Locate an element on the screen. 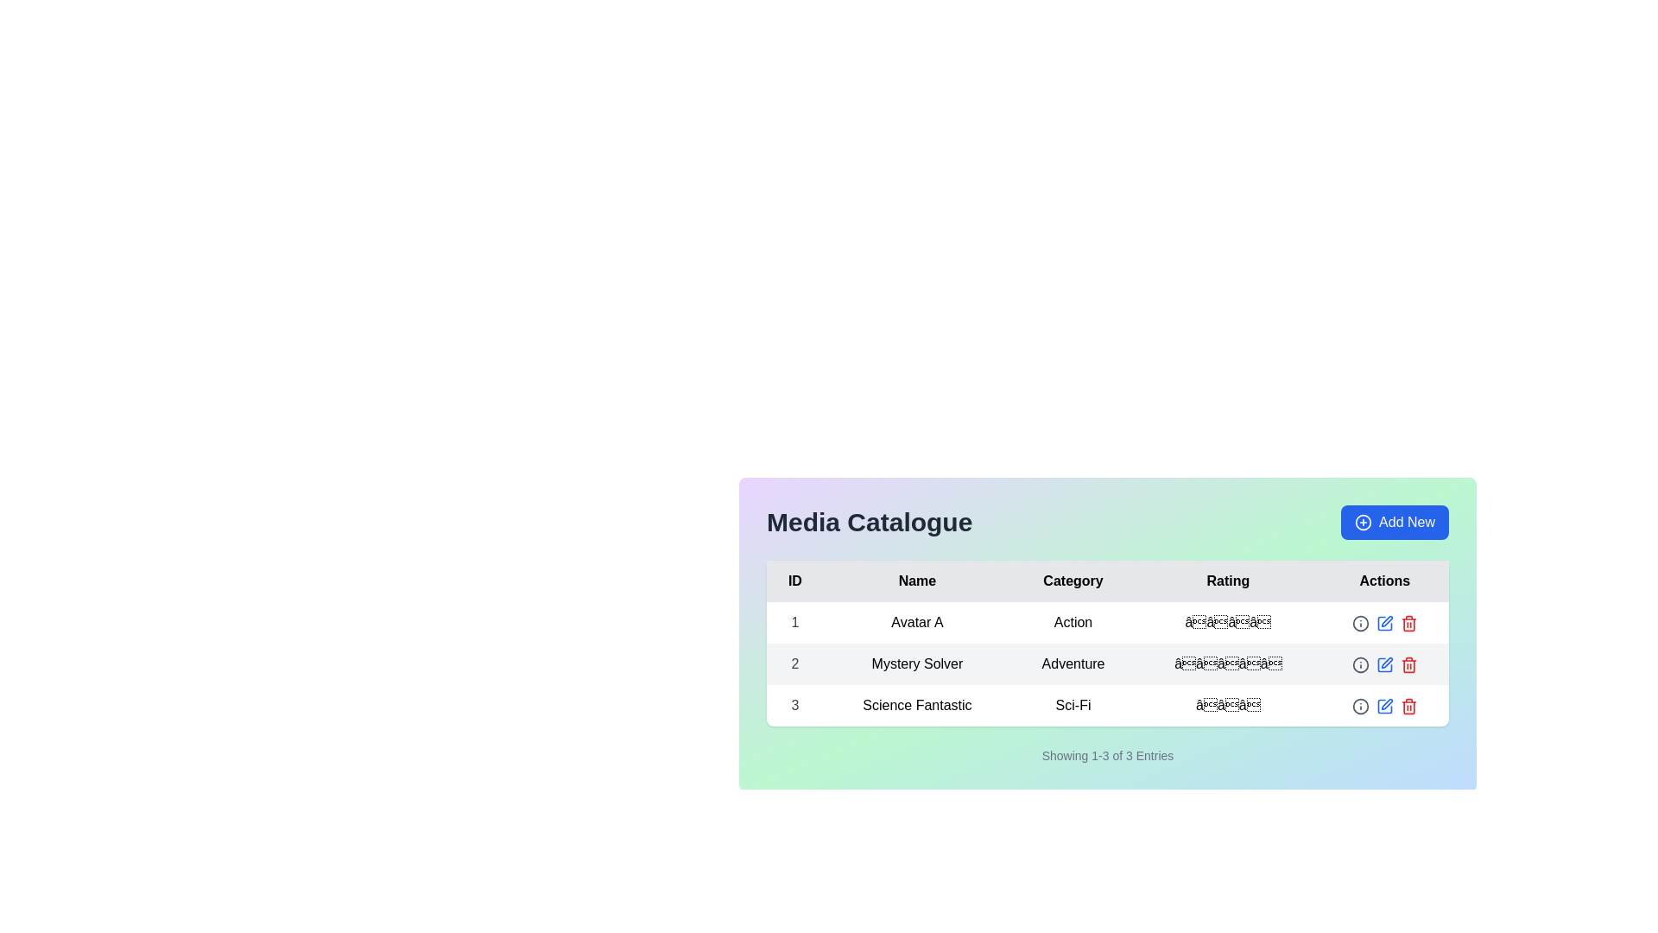 This screenshot has height=933, width=1658. the pen-like icon is located at coordinates (1387, 704).